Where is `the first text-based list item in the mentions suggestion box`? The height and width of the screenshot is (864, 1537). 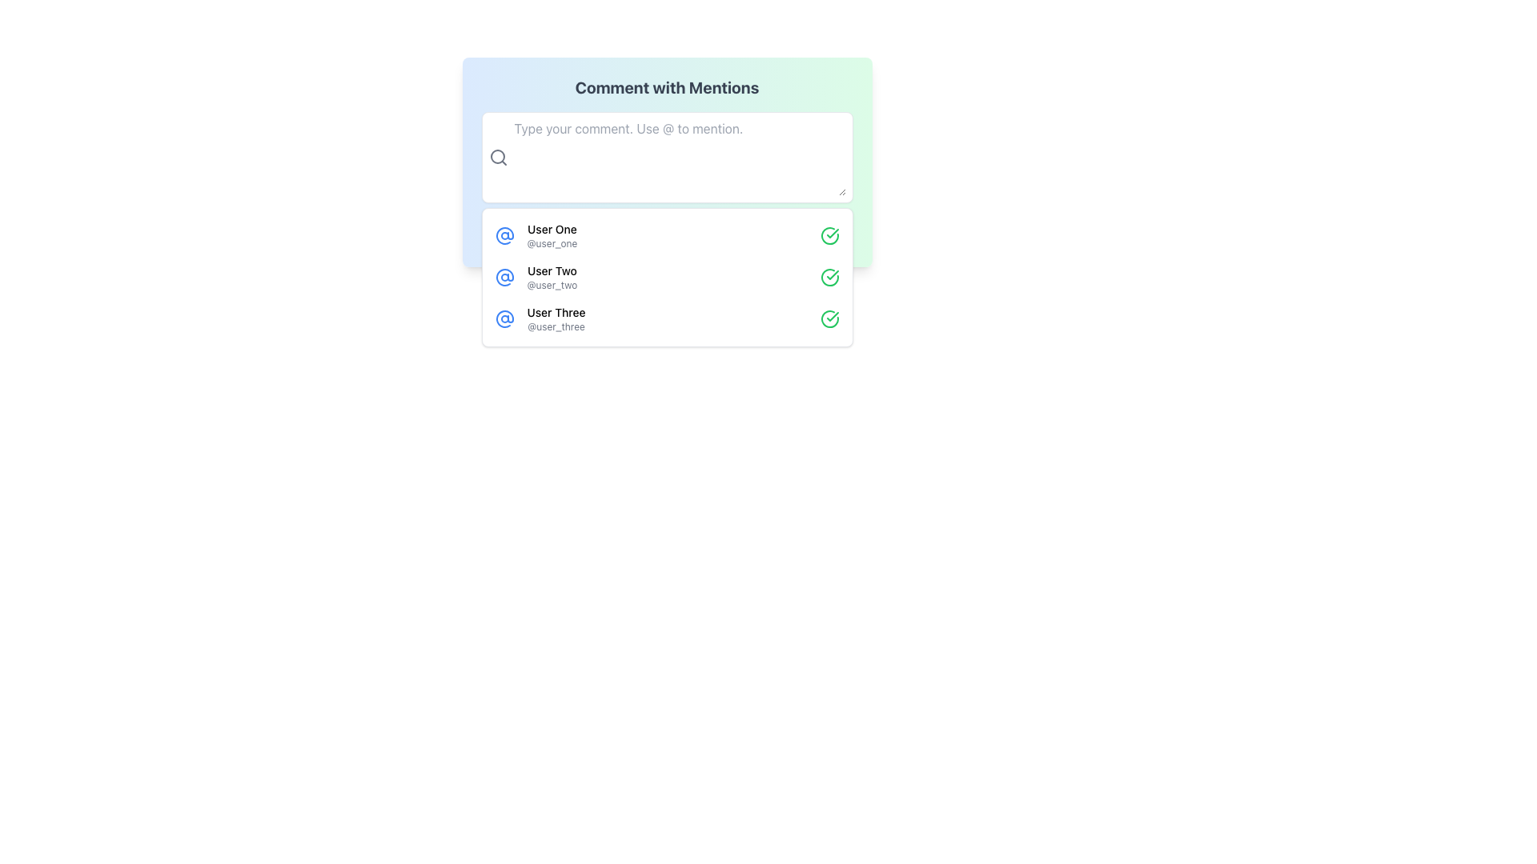 the first text-based list item in the mentions suggestion box is located at coordinates (552, 235).